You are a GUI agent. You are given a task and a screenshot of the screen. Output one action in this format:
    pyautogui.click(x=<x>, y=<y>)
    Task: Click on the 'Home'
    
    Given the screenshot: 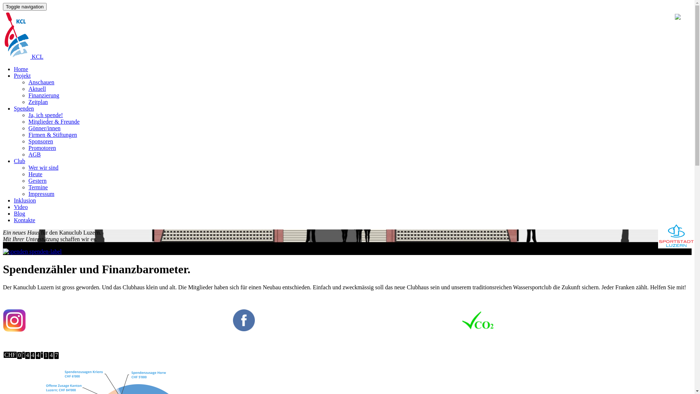 What is the action you would take?
    pyautogui.click(x=21, y=69)
    